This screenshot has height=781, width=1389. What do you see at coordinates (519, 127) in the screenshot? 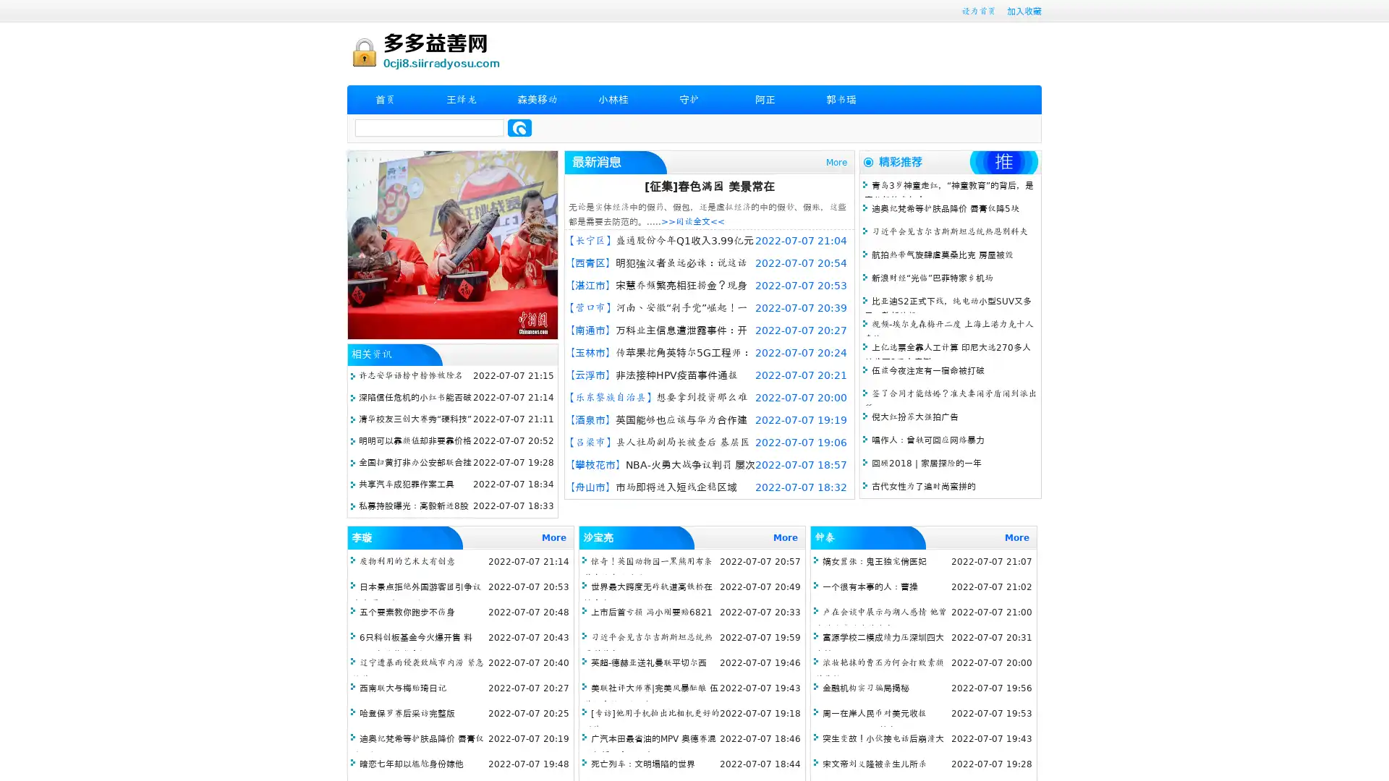
I see `Search` at bounding box center [519, 127].